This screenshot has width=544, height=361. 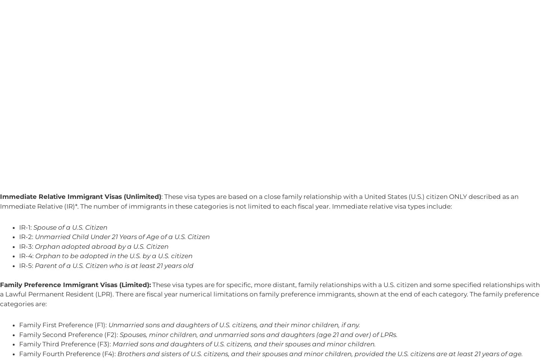 What do you see at coordinates (33, 227) in the screenshot?
I see `'Spouse of a U.S. Citizen'` at bounding box center [33, 227].